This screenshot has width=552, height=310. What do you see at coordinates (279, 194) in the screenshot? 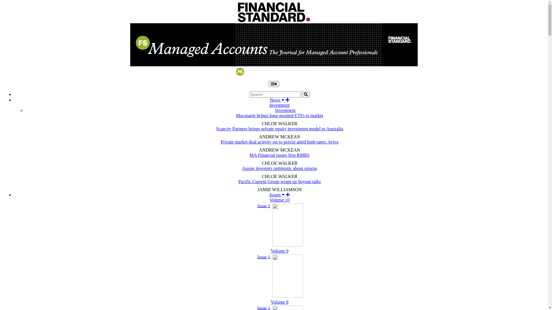
I see `'Issues'` at bounding box center [279, 194].